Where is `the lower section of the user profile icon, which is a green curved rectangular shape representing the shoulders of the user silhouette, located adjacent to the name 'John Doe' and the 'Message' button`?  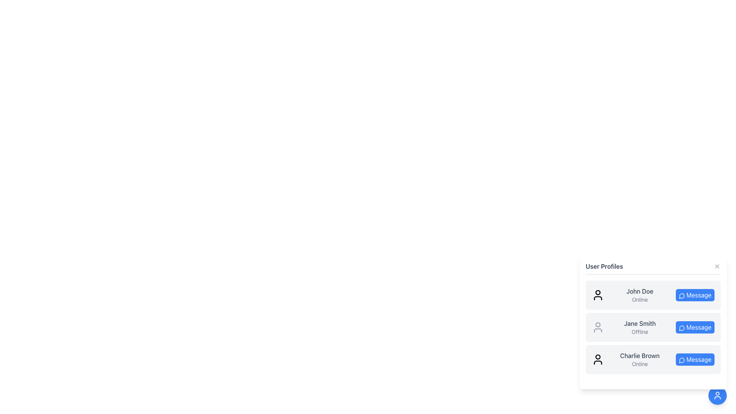 the lower section of the user profile icon, which is a green curved rectangular shape representing the shoulders of the user silhouette, located adjacent to the name 'John Doe' and the 'Message' button is located at coordinates (598, 298).